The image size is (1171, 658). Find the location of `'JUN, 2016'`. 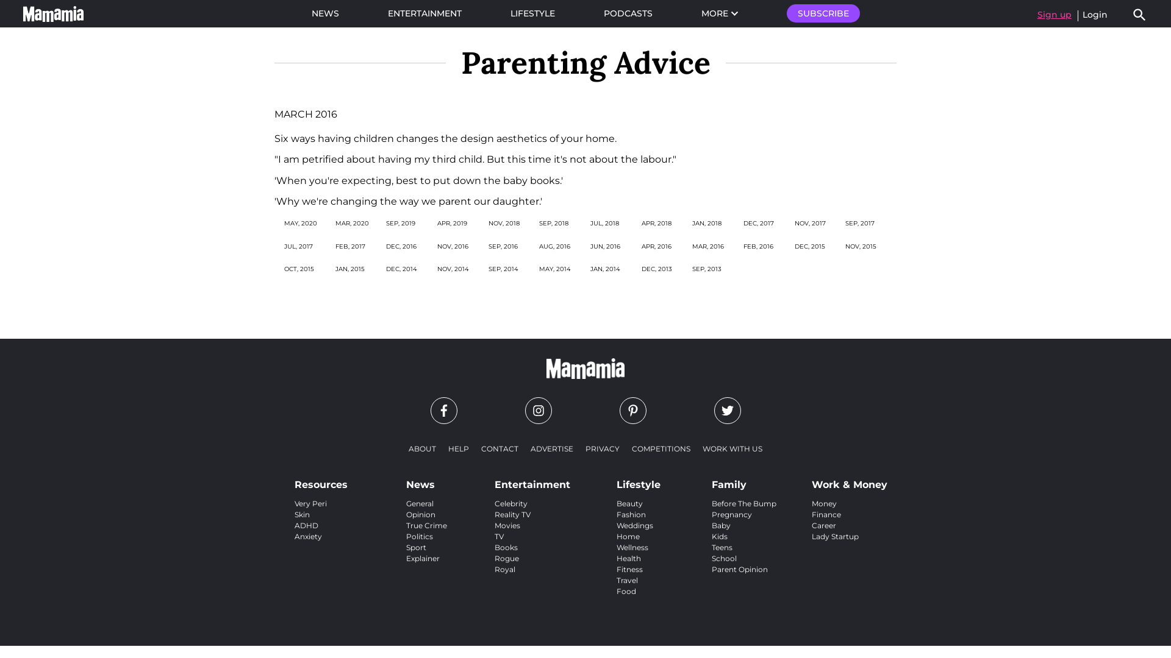

'JUN, 2016' is located at coordinates (605, 246).